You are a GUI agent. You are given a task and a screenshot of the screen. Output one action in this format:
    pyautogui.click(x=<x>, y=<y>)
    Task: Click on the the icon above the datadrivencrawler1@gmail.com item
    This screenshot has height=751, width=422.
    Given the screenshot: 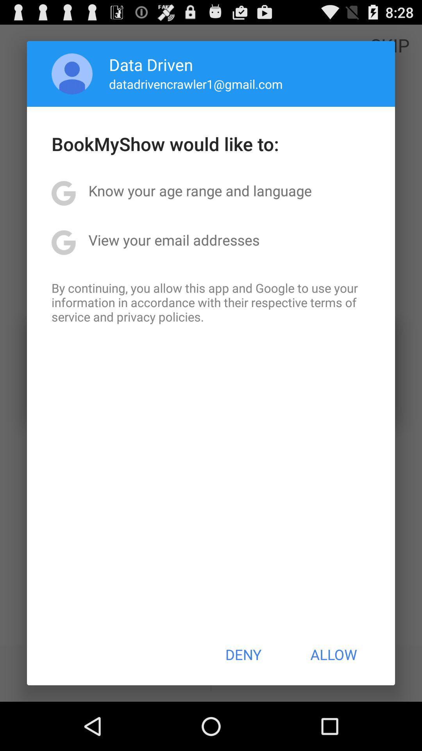 What is the action you would take?
    pyautogui.click(x=151, y=64)
    